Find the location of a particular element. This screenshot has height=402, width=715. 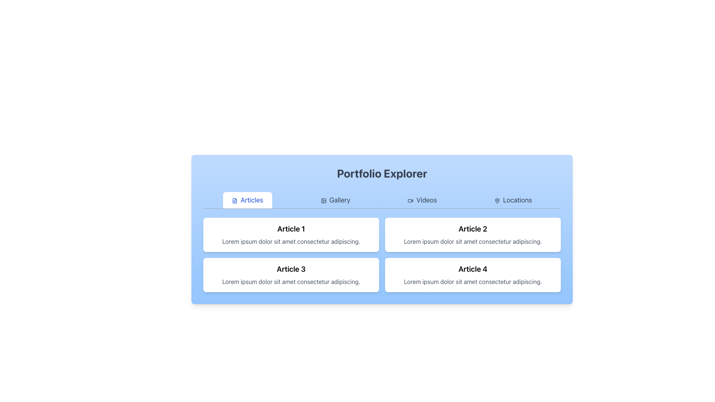

the 'Gallery' button in the navigation menu is located at coordinates (382, 200).